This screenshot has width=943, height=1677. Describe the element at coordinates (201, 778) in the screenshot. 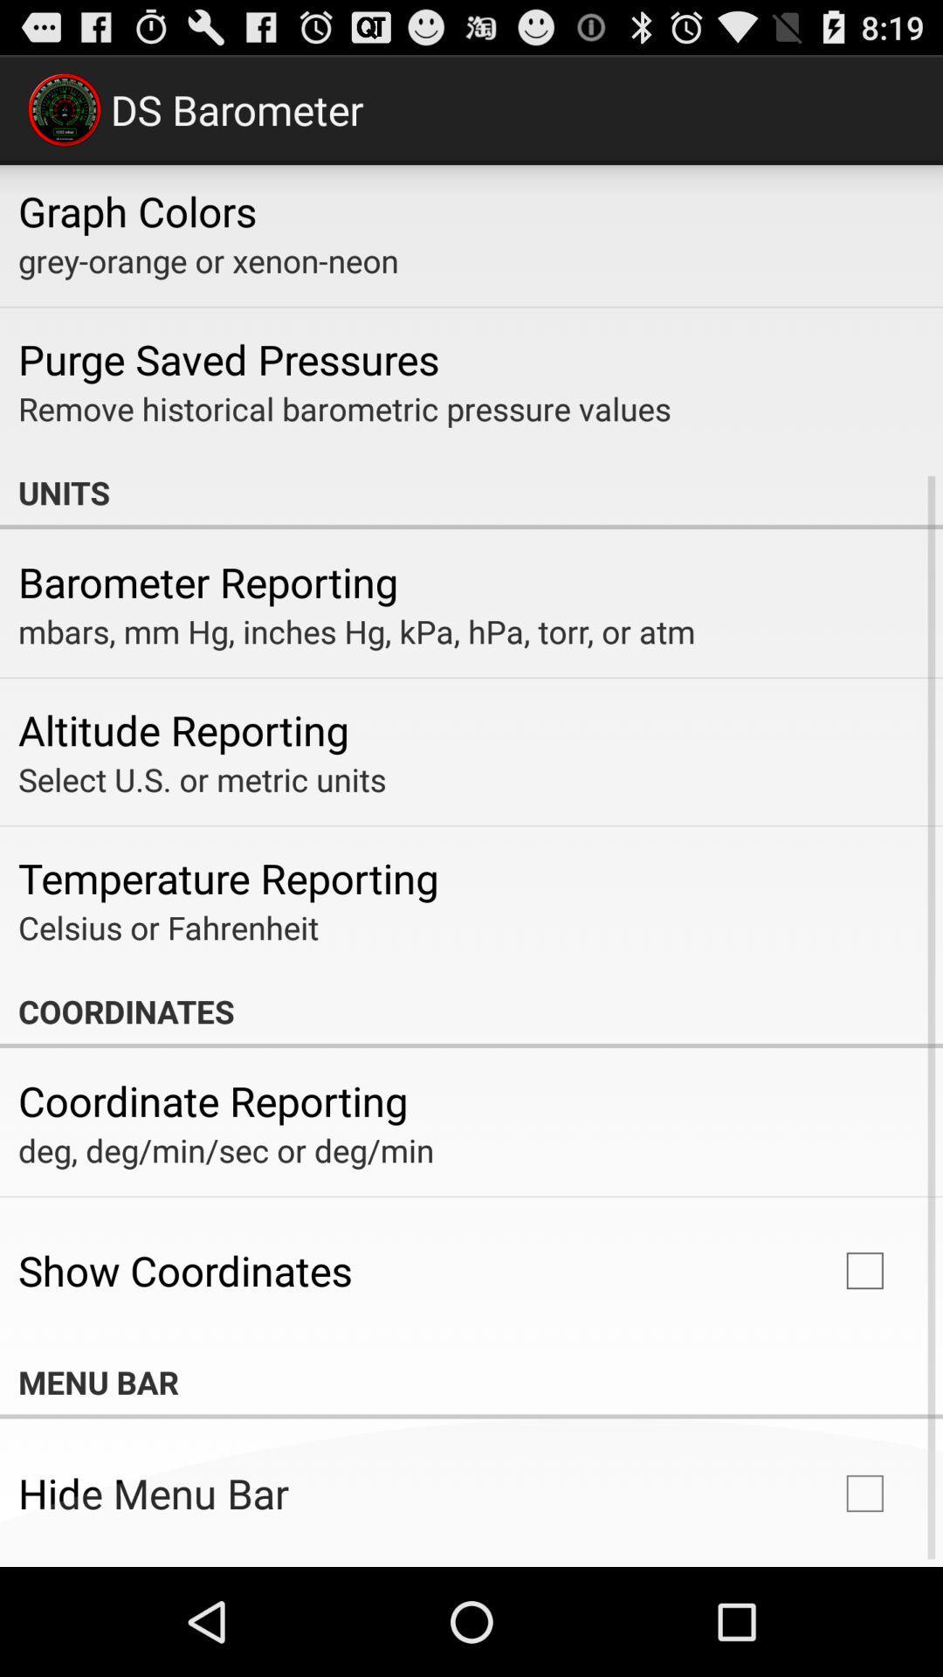

I see `app above temperature reporting app` at that location.